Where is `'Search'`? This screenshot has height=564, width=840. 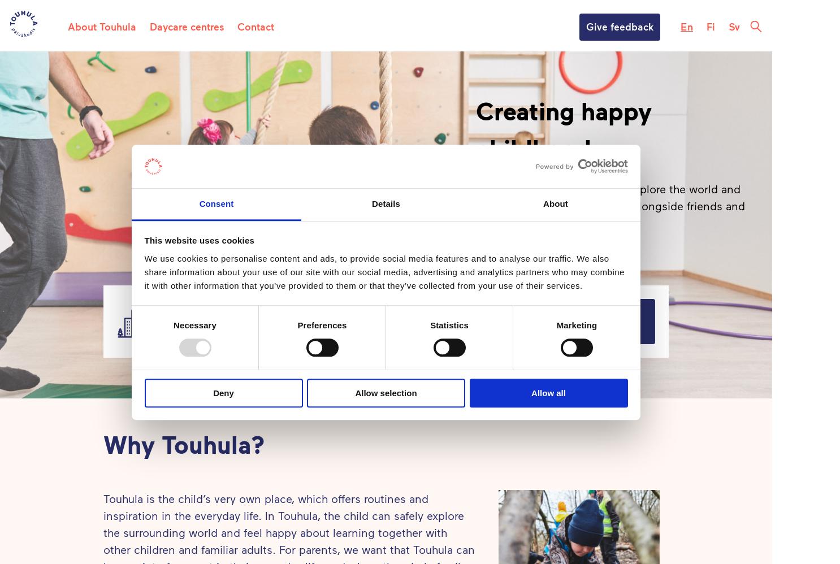
'Search' is located at coordinates (587, 320).